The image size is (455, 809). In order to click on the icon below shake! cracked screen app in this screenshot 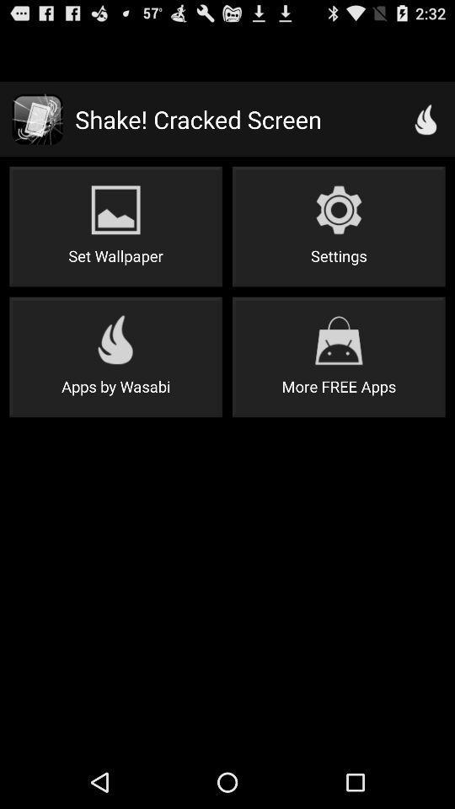, I will do `click(115, 226)`.